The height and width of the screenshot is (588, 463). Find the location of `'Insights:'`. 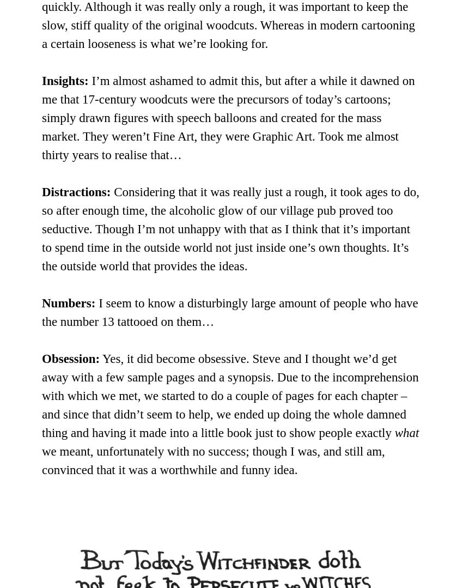

'Insights:' is located at coordinates (64, 80).